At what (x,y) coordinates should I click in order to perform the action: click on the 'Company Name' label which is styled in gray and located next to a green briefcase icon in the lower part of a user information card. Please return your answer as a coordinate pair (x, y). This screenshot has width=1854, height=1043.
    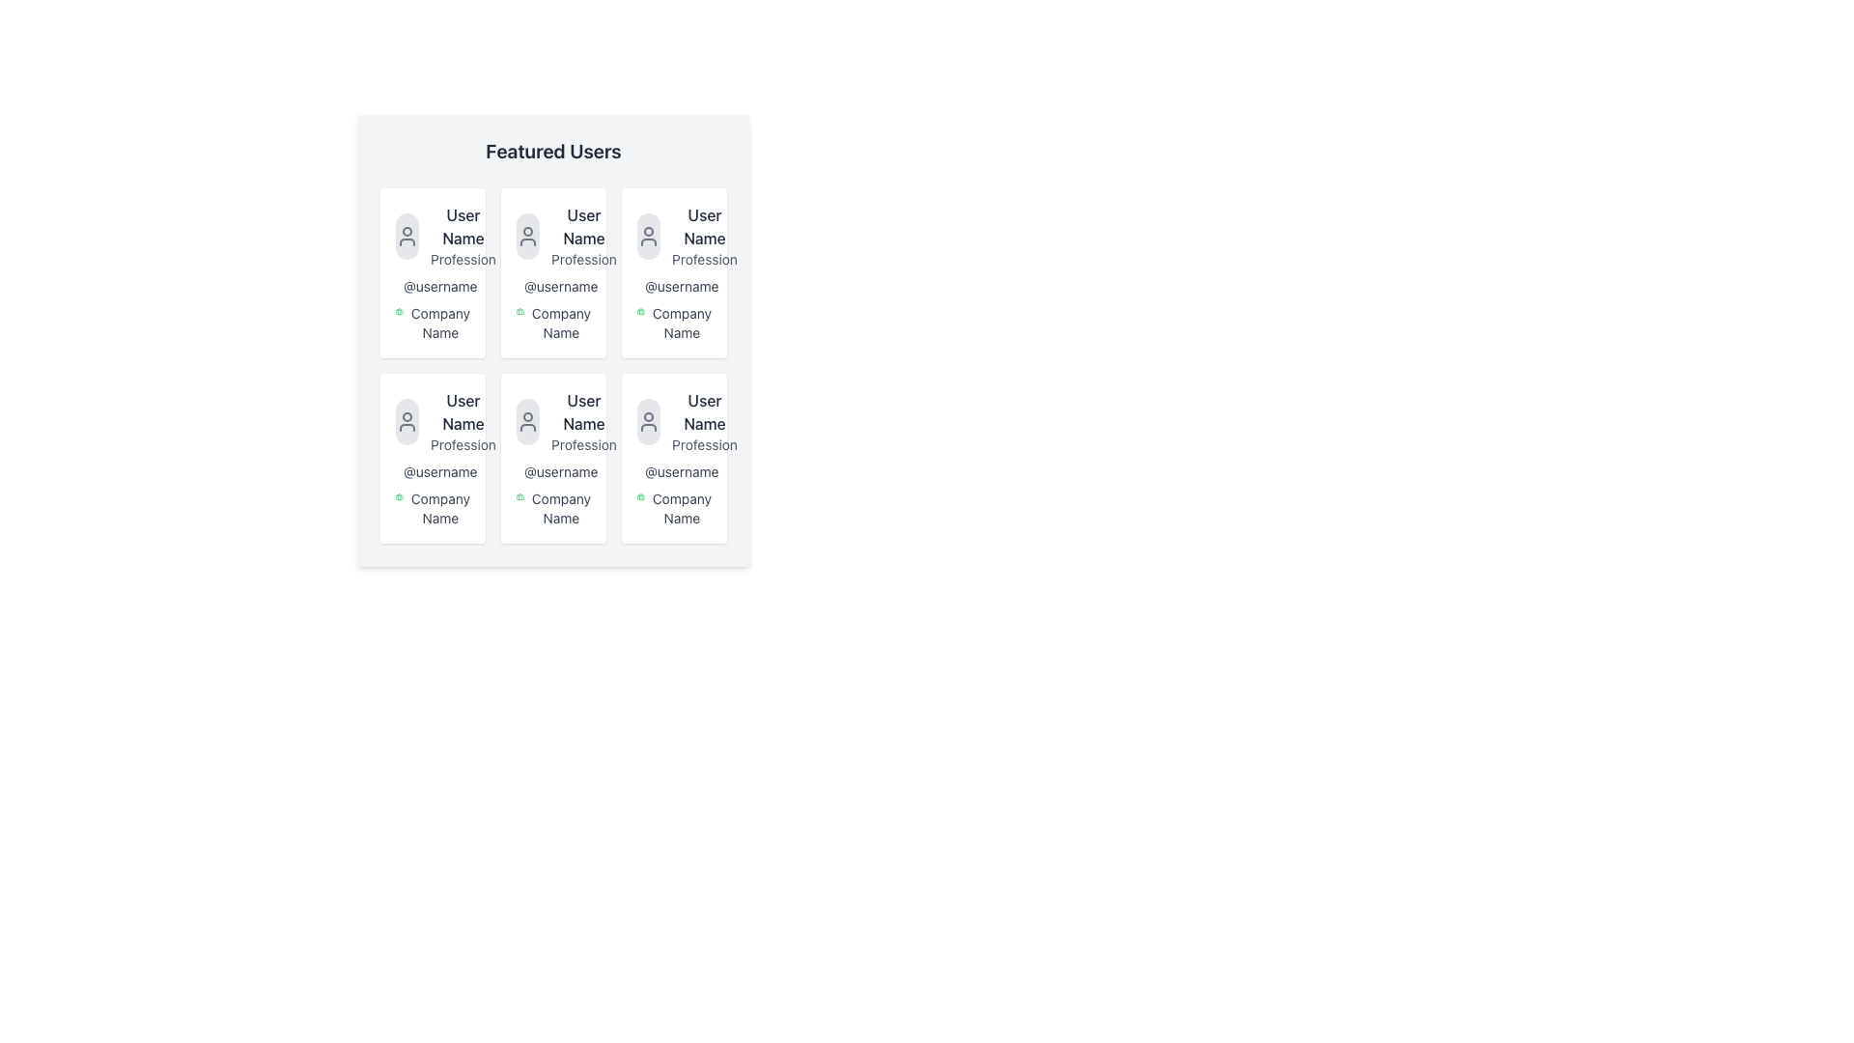
    Looking at the image, I should click on (432, 323).